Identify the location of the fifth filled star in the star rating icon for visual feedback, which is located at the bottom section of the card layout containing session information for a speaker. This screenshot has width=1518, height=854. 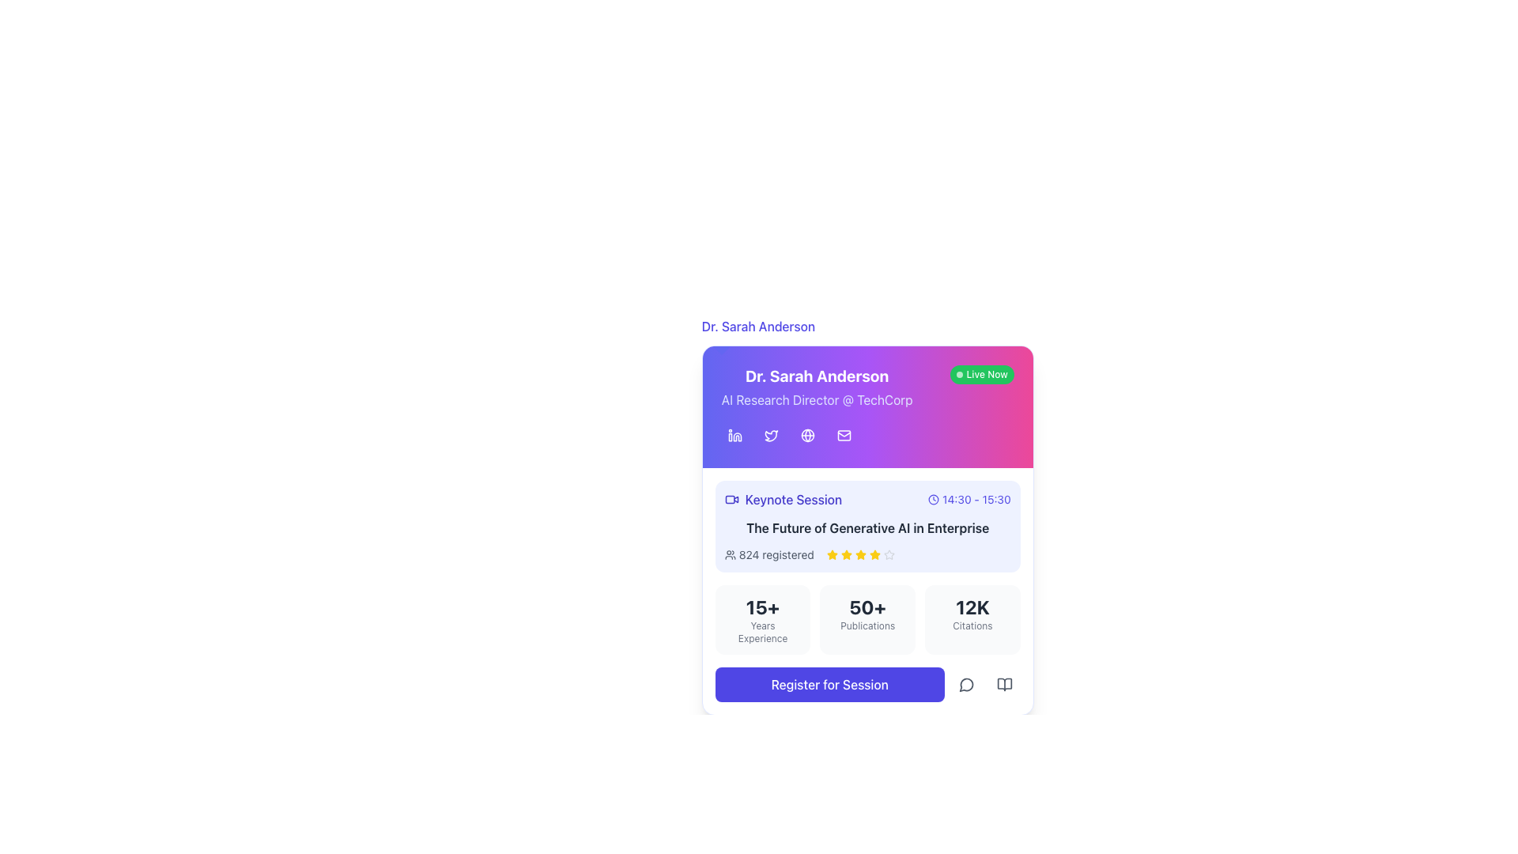
(874, 554).